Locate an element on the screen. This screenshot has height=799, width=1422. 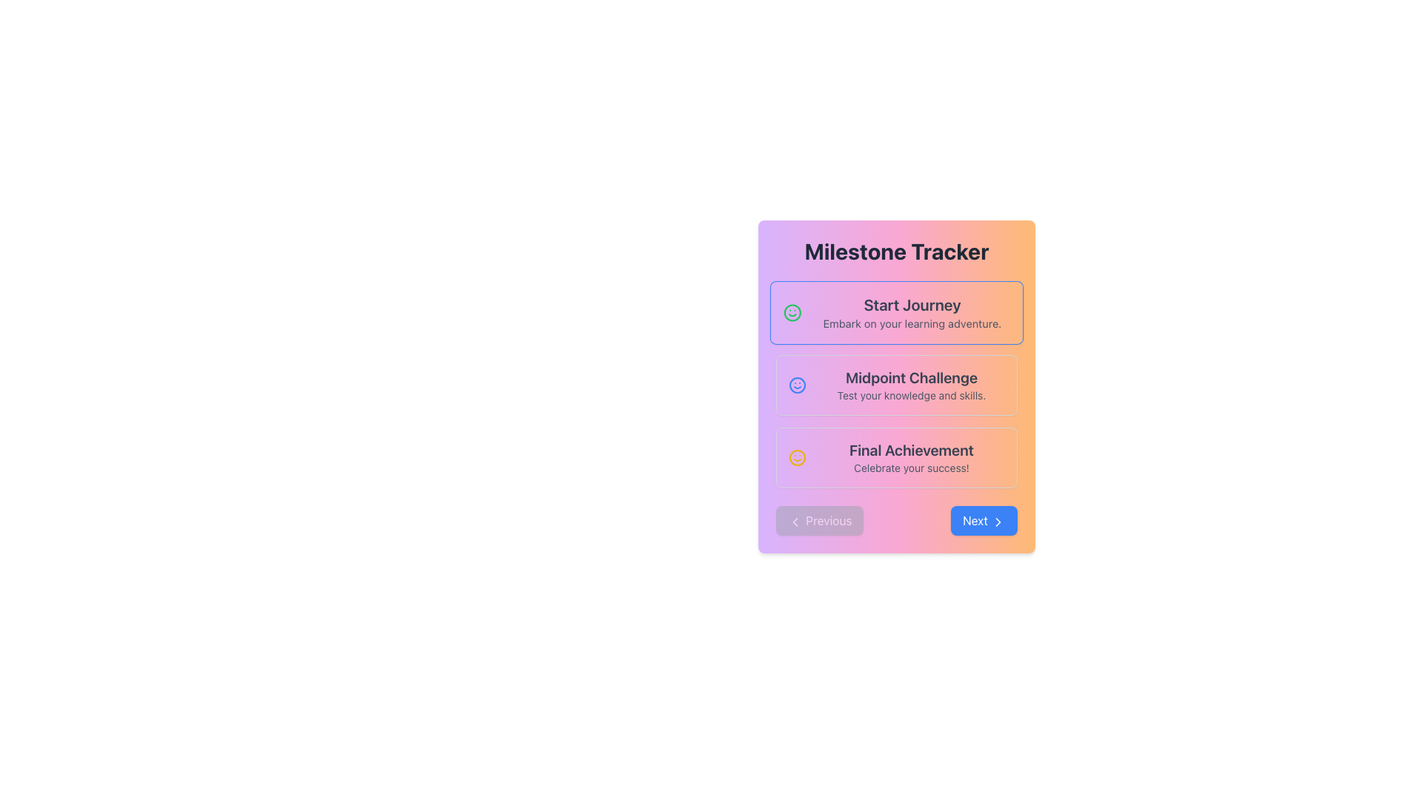
the Informational card that represents the final achievement in the progress tracker, which is the third and last card in the vertical stack located below the 'Midpoint Challenge' card is located at coordinates (895, 456).